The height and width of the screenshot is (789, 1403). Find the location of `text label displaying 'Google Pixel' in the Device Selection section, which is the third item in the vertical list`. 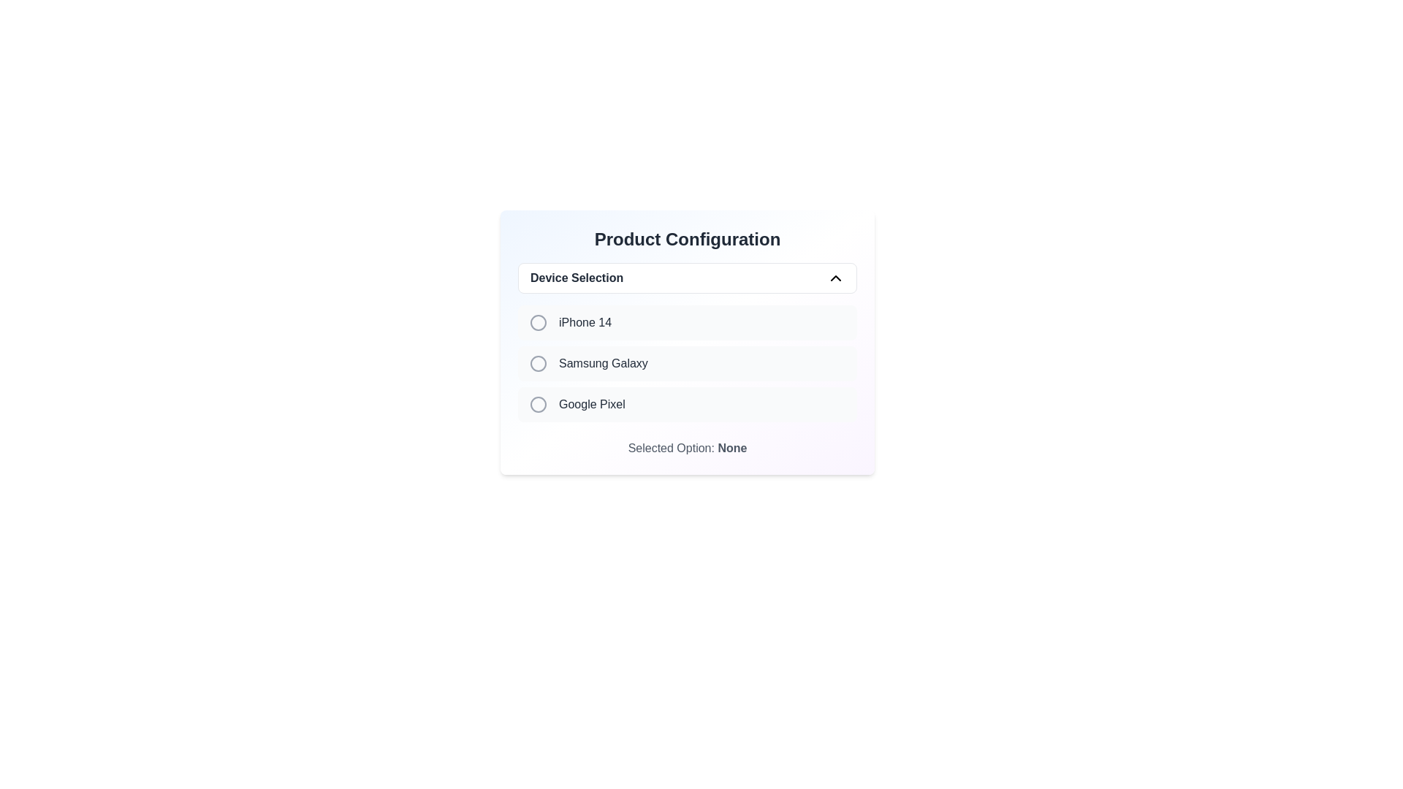

text label displaying 'Google Pixel' in the Device Selection section, which is the third item in the vertical list is located at coordinates (592, 405).